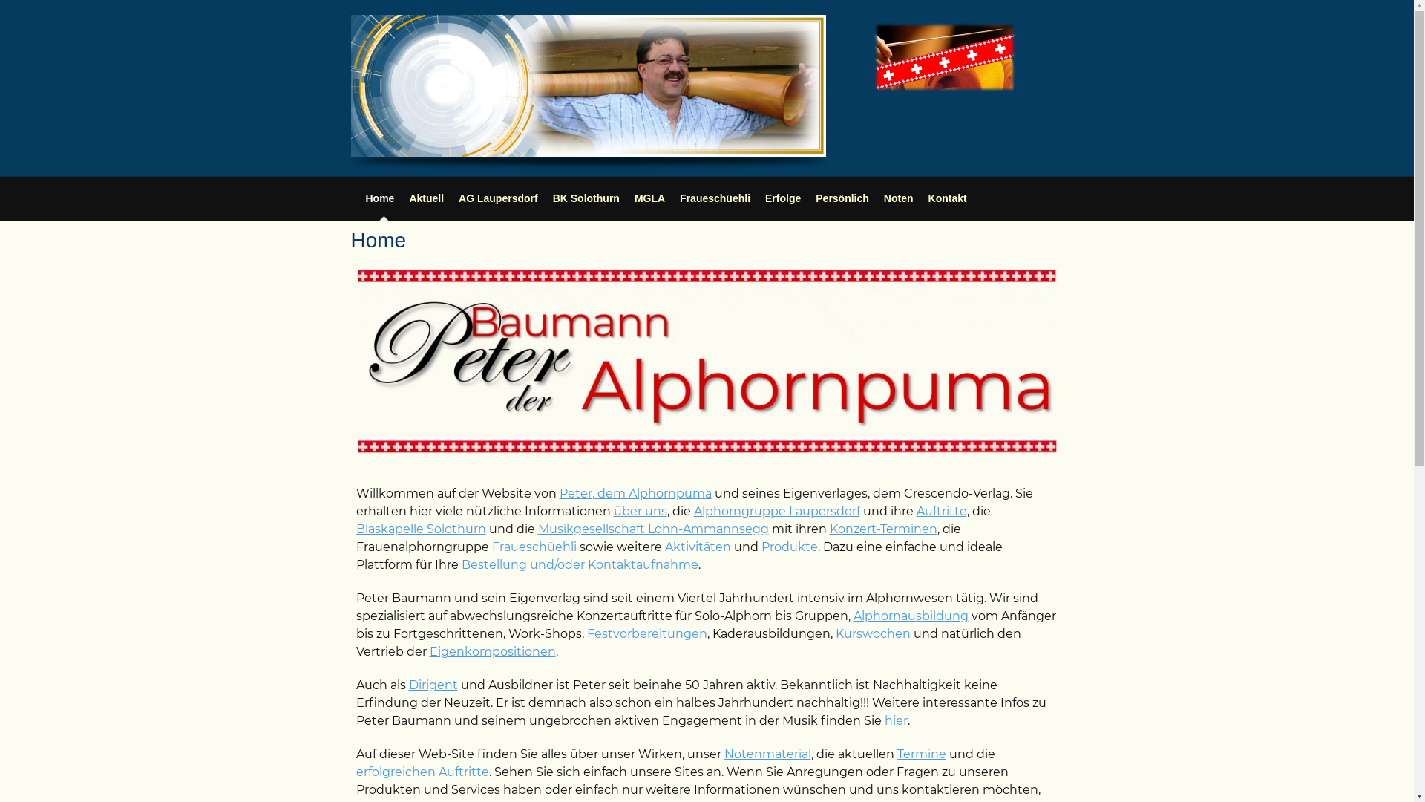 The width and height of the screenshot is (1425, 802). I want to click on 'Produkte', so click(789, 547).